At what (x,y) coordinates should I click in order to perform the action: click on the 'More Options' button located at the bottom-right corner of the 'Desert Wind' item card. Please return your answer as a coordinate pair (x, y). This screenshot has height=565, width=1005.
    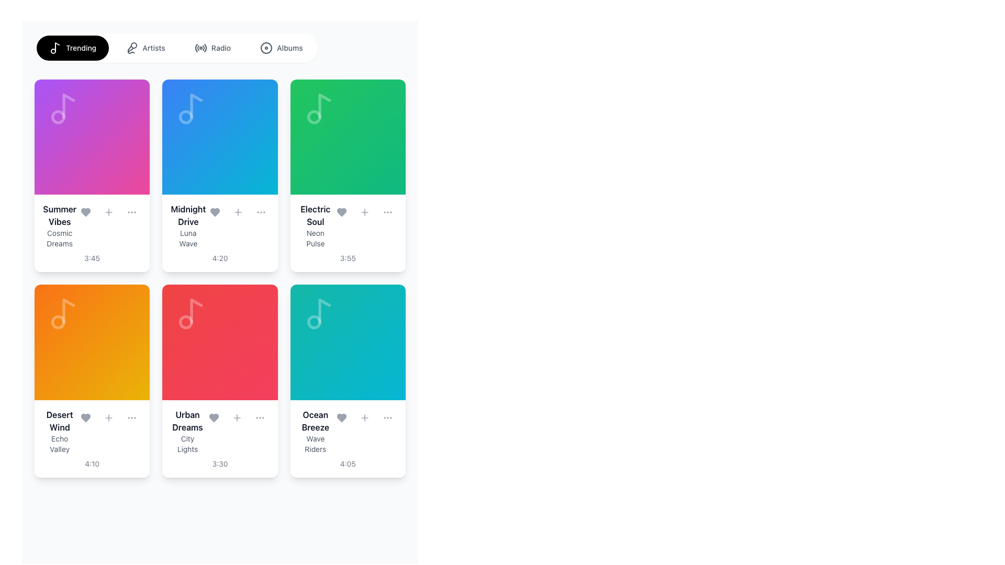
    Looking at the image, I should click on (131, 417).